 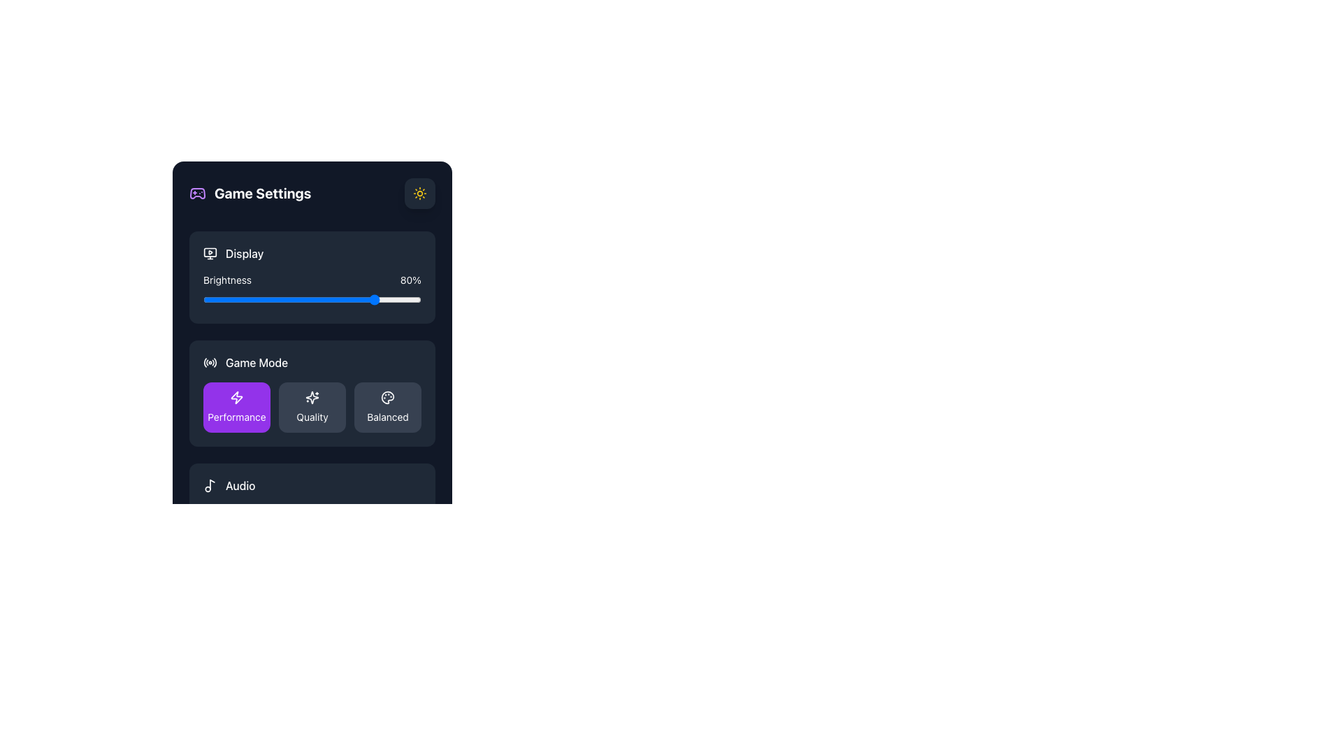 What do you see at coordinates (419, 194) in the screenshot?
I see `the sun icon in the top-right corner of the panel header` at bounding box center [419, 194].